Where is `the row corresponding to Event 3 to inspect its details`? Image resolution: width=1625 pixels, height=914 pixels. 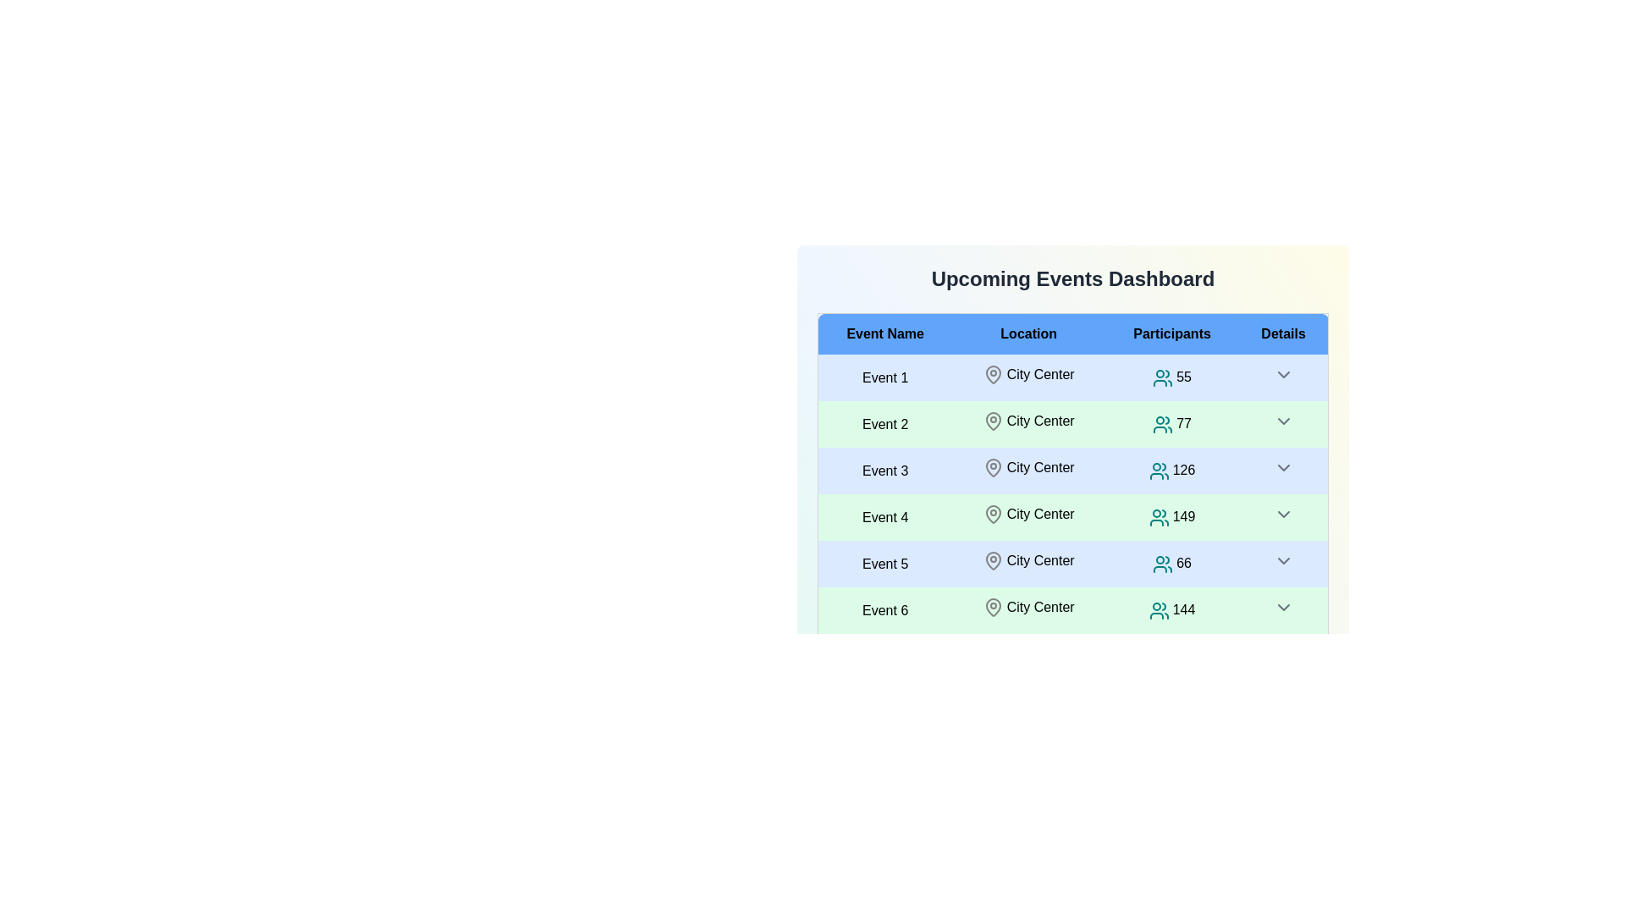
the row corresponding to Event 3 to inspect its details is located at coordinates (884, 471).